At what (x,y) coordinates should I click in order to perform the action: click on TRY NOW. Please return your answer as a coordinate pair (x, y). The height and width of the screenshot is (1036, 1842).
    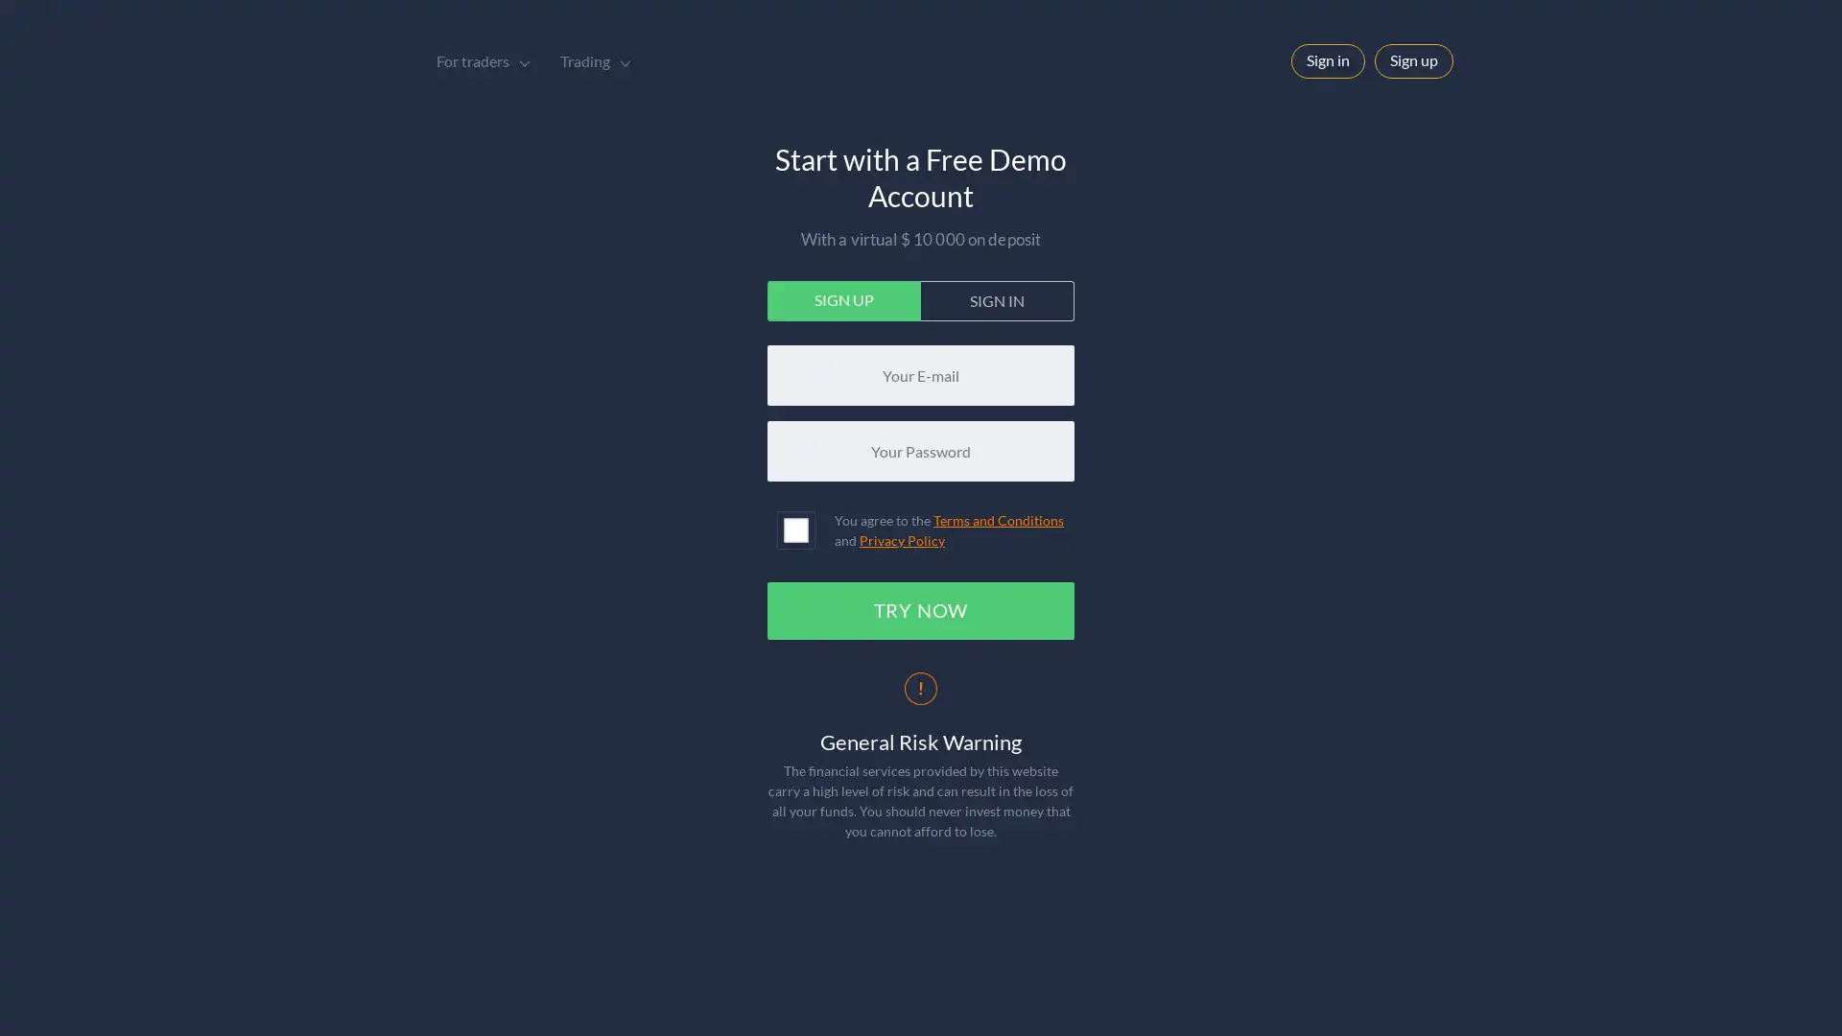
    Looking at the image, I should click on (921, 610).